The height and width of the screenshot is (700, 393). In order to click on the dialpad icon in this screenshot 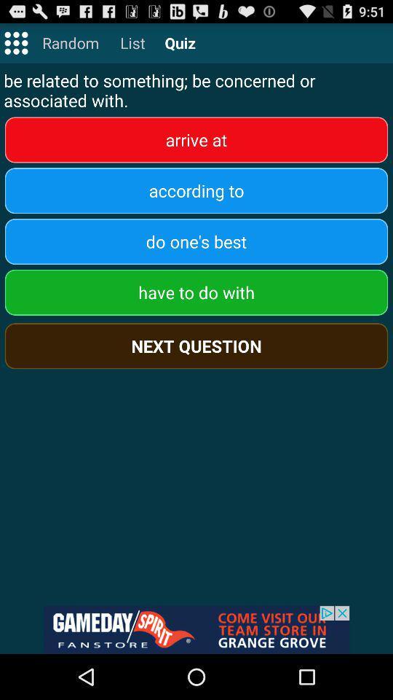, I will do `click(15, 46)`.